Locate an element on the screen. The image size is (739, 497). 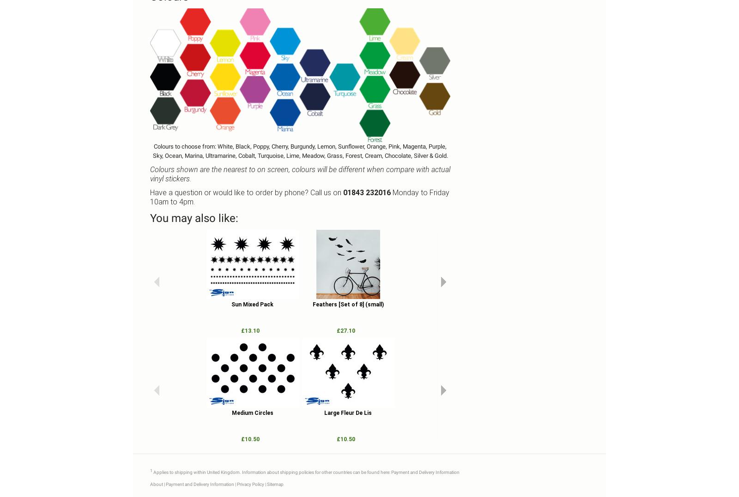
'Waves (medium)' is located at coordinates (539, 304).